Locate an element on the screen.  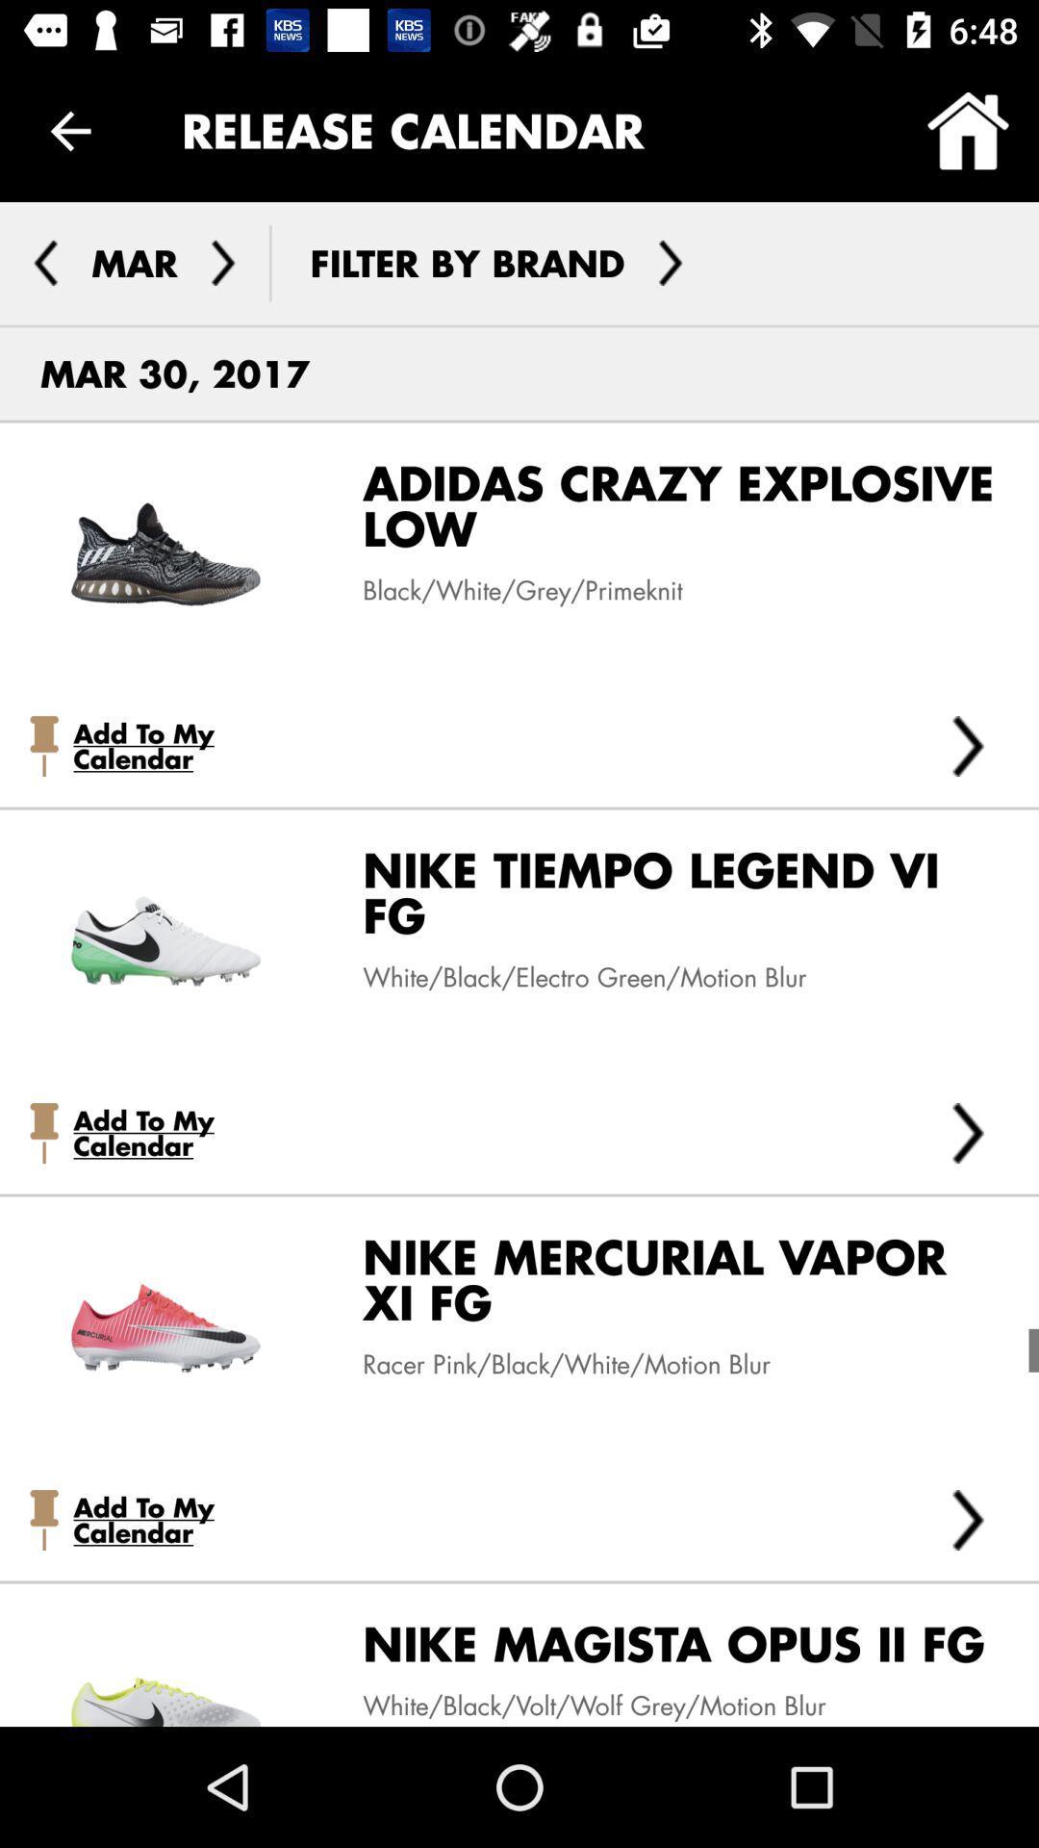
the icon at the top right corner is located at coordinates (968, 130).